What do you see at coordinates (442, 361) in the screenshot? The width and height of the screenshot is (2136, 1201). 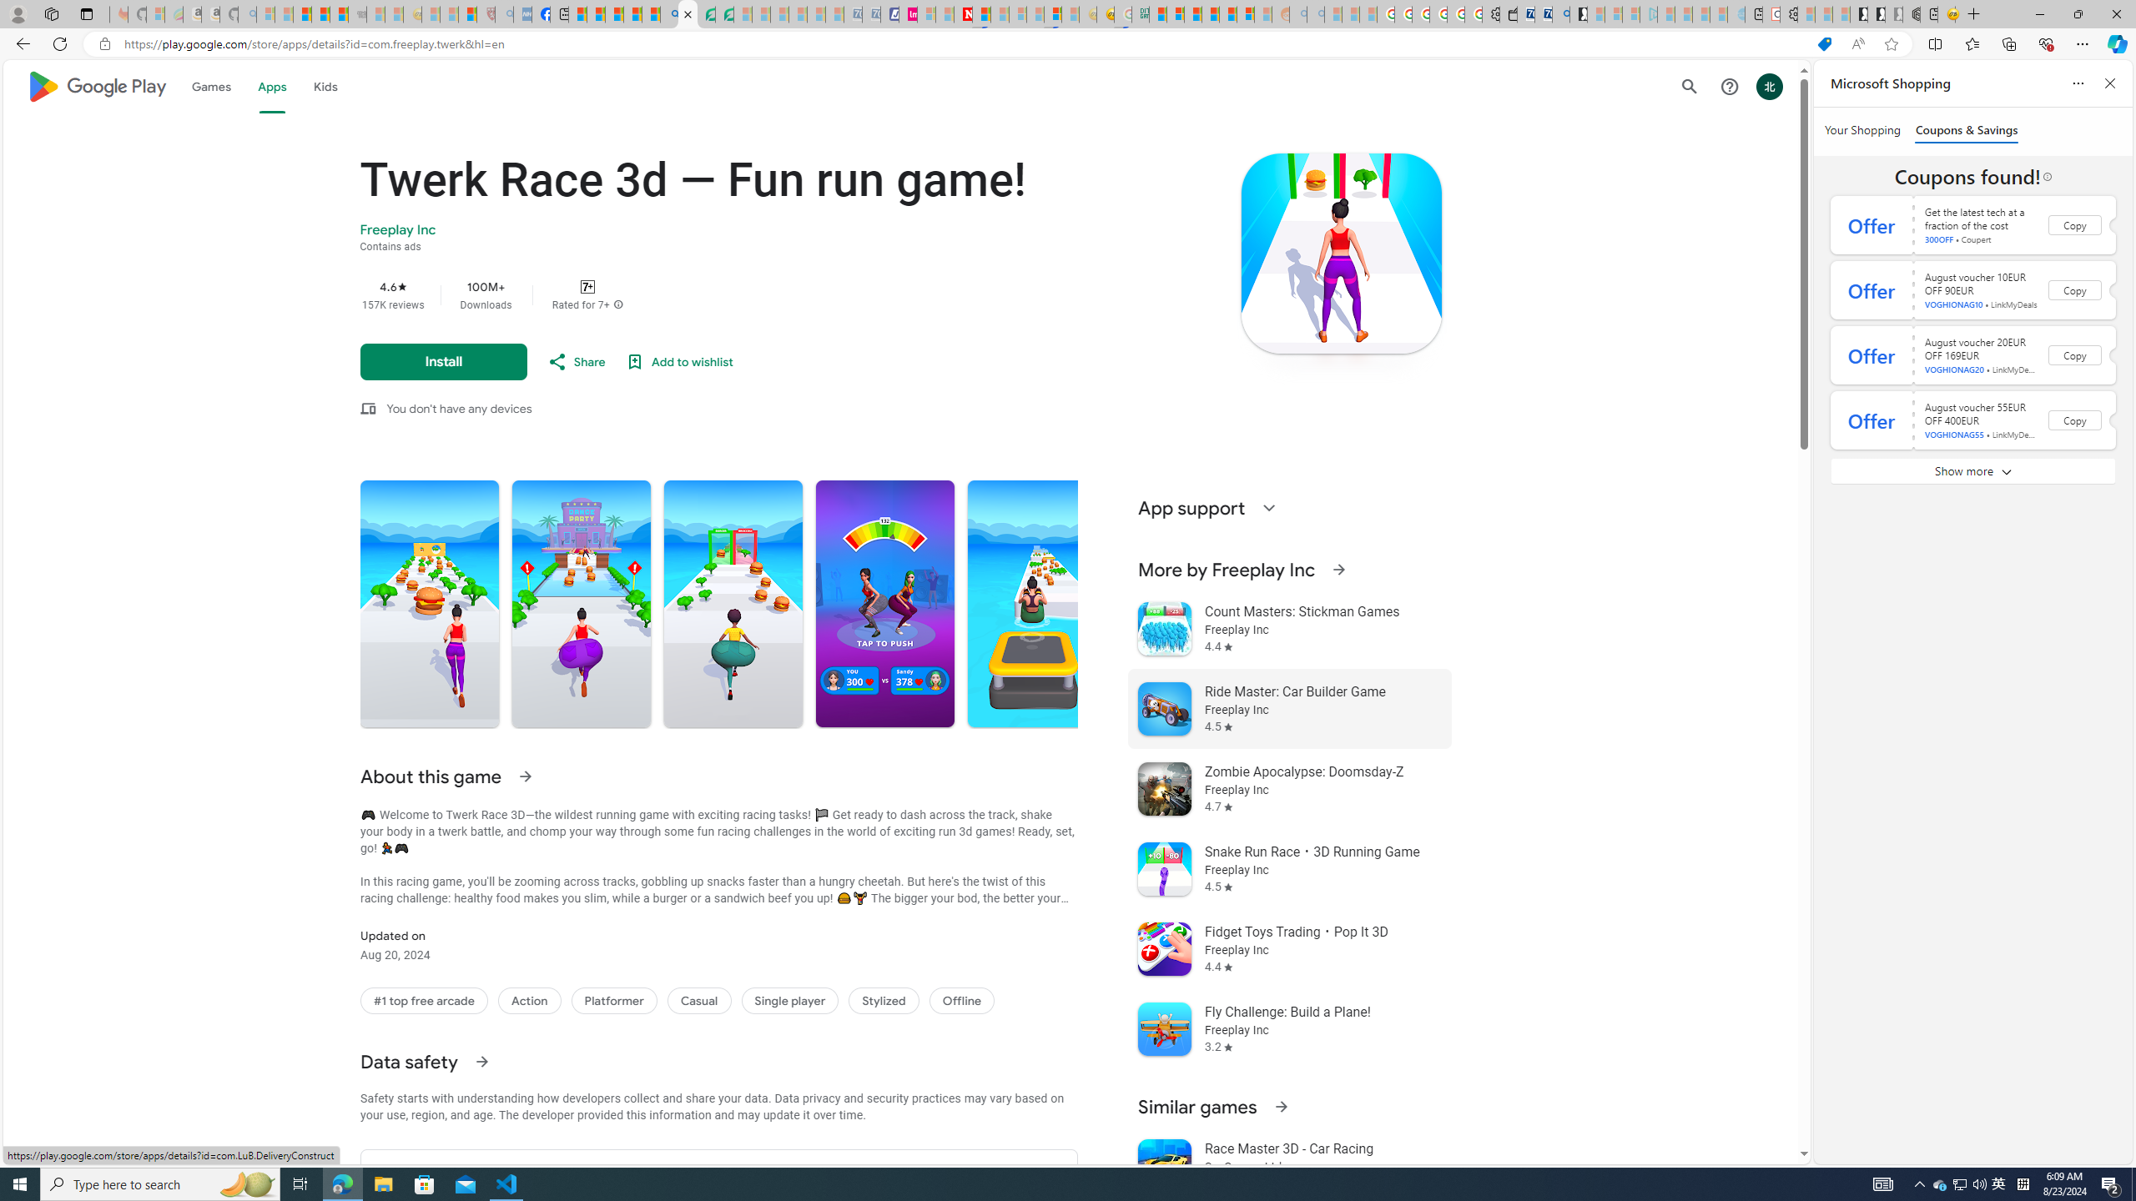 I see `'Install'` at bounding box center [442, 361].